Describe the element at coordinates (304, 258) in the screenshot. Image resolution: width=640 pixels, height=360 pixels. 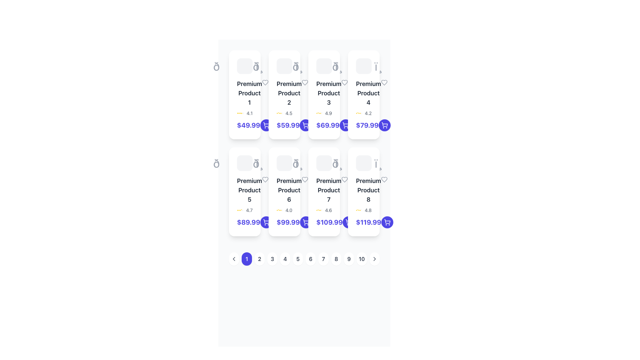
I see `the sixth button in the pagination bar located at the bottom of the layout for accessibility purposes` at that location.